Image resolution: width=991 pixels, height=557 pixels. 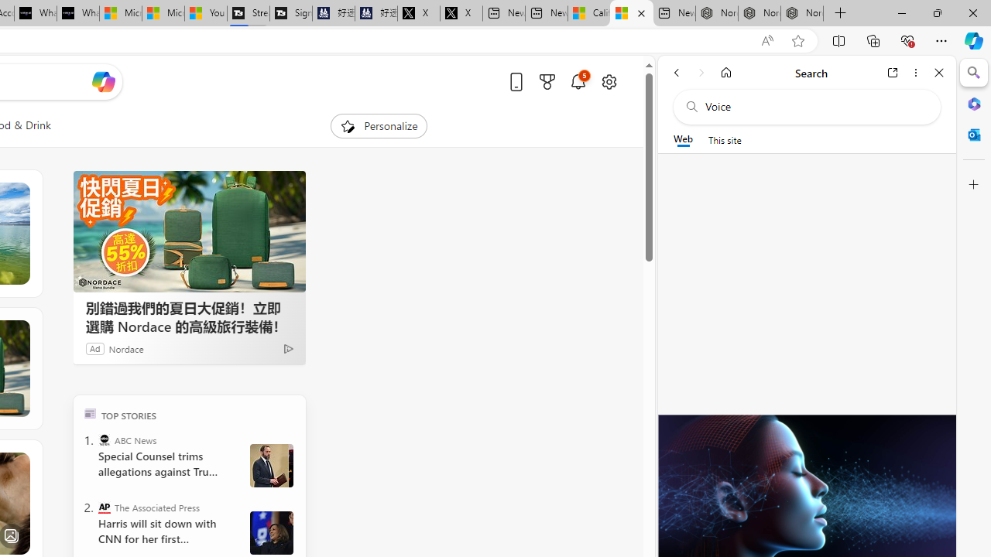 What do you see at coordinates (973, 184) in the screenshot?
I see `'Customize'` at bounding box center [973, 184].